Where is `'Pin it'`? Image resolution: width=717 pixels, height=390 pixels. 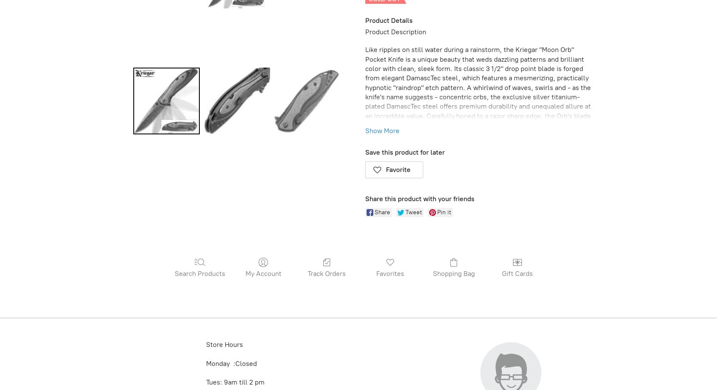
'Pin it' is located at coordinates (444, 211).